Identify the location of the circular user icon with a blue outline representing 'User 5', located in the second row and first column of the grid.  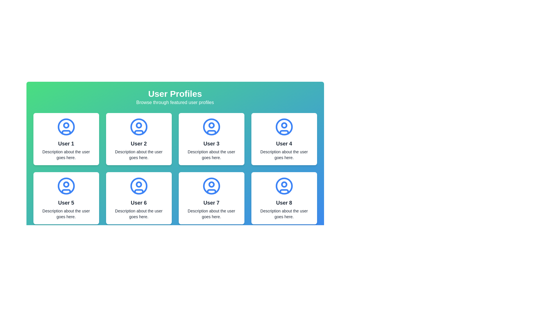
(66, 186).